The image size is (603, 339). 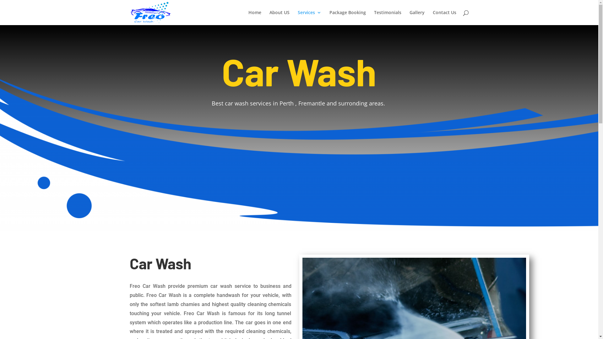 What do you see at coordinates (410, 17) in the screenshot?
I see `'Gallery'` at bounding box center [410, 17].